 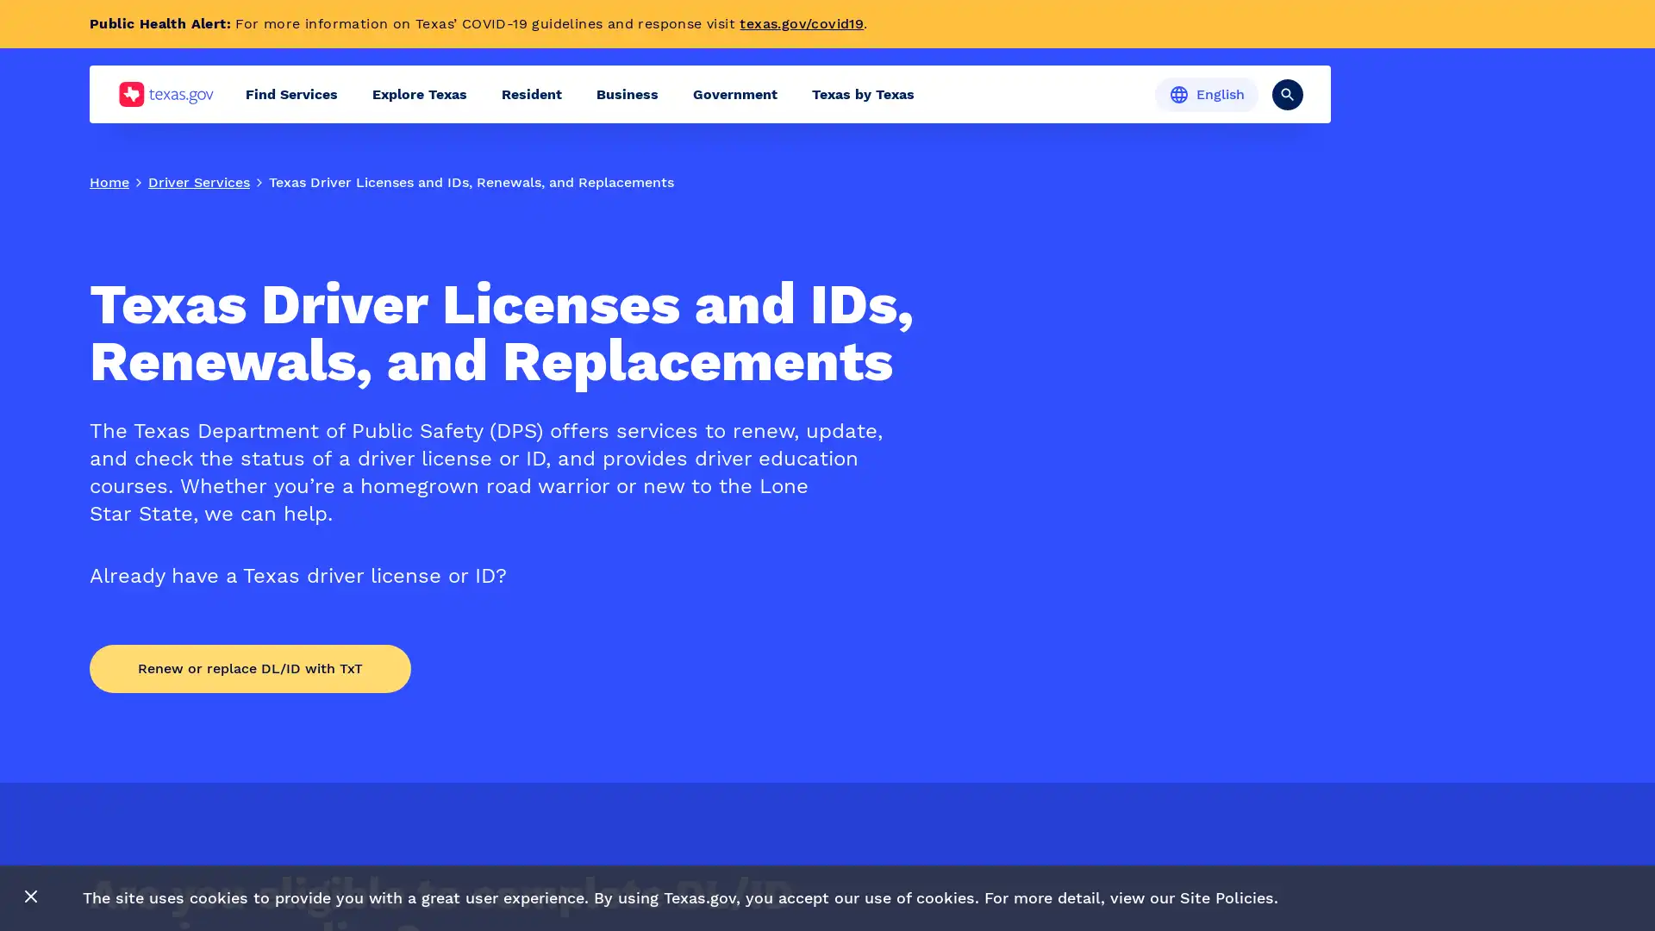 What do you see at coordinates (531, 94) in the screenshot?
I see `Resident` at bounding box center [531, 94].